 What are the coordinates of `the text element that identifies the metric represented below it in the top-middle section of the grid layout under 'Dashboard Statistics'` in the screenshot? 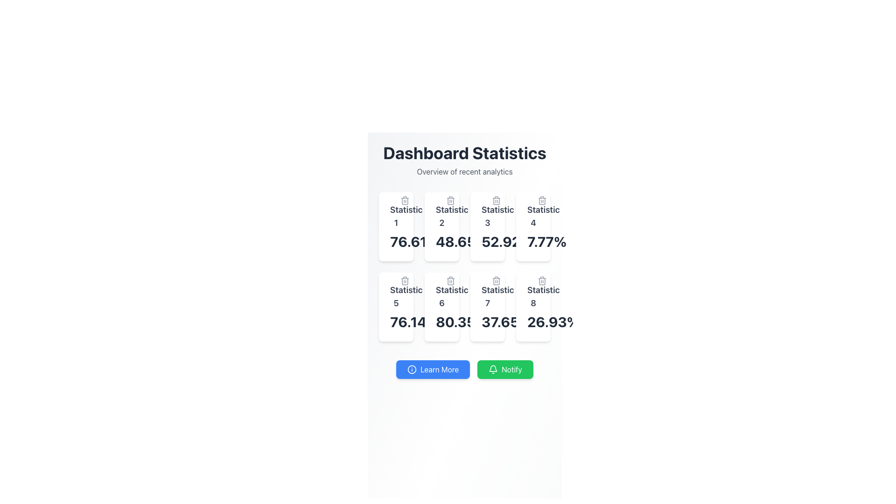 It's located at (487, 216).